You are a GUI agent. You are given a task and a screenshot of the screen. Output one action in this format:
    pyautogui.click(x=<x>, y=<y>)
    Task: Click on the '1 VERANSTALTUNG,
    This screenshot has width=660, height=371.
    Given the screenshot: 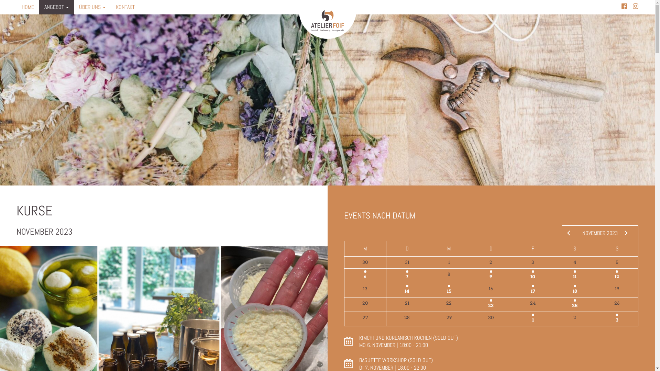 What is the action you would take?
    pyautogui.click(x=575, y=304)
    